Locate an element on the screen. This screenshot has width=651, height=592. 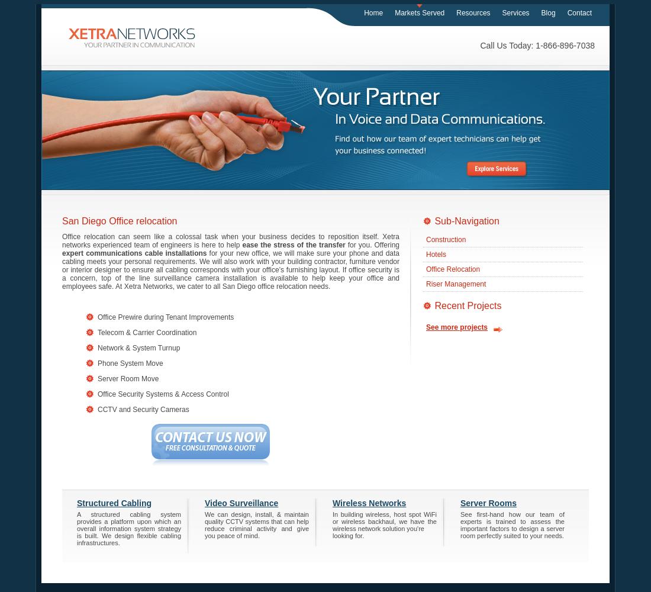
'for you. Offering' is located at coordinates (372, 244).